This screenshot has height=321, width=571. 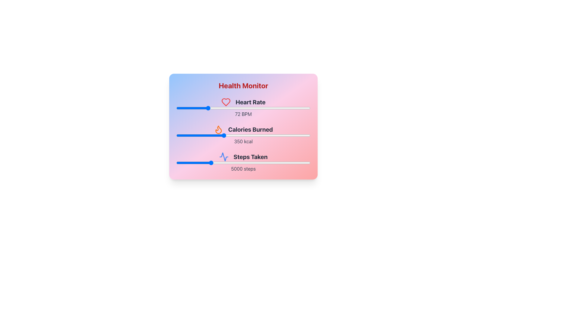 I want to click on the step count, so click(x=180, y=163).